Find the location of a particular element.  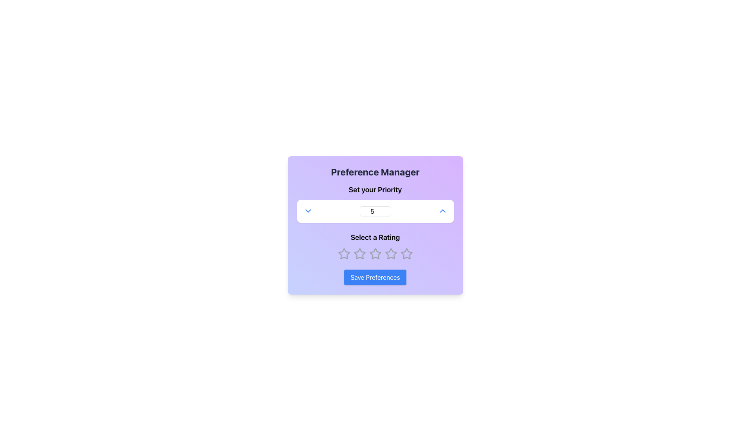

the fourth star icon in the rating section labeled 'Select a Rating' is located at coordinates (390, 253).